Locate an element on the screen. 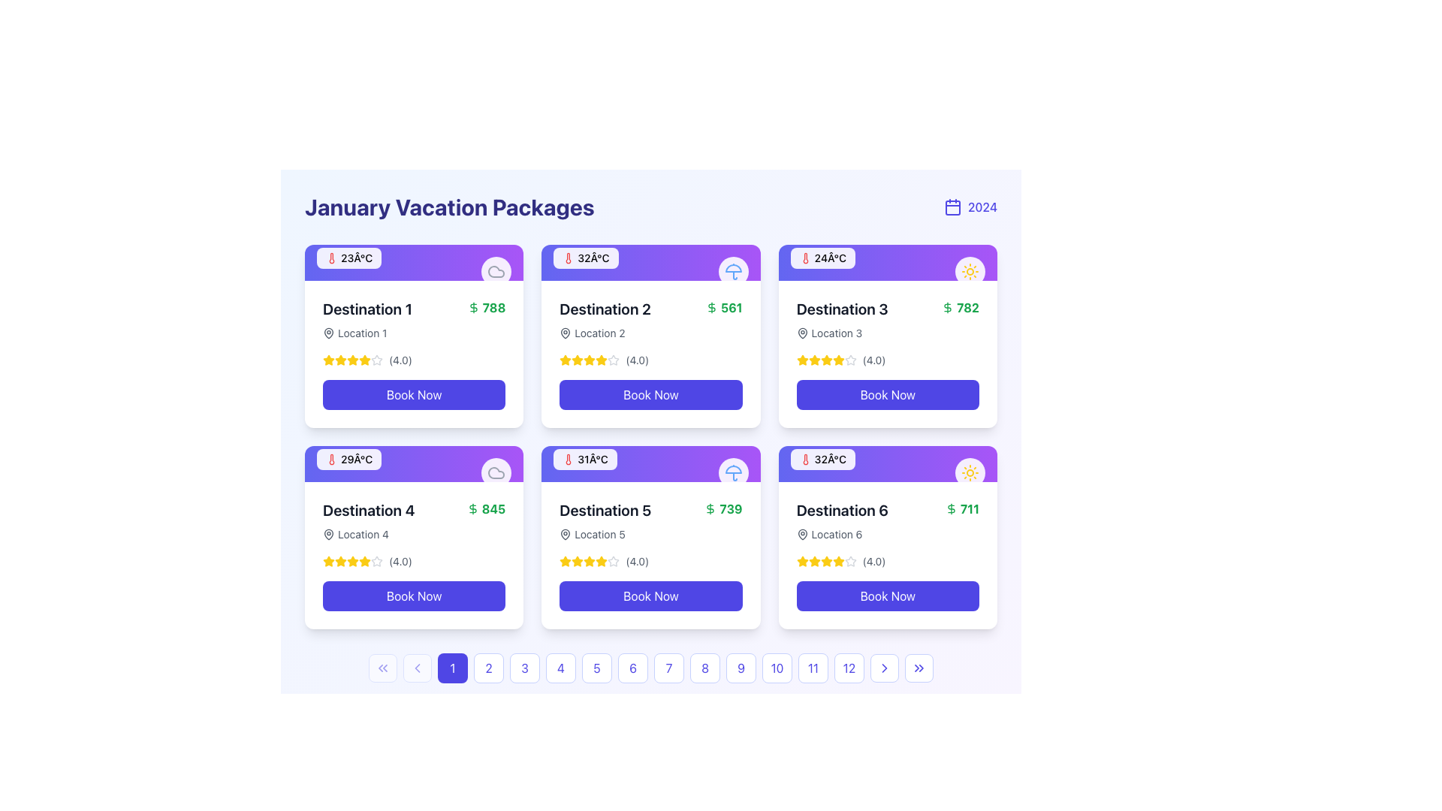 Image resolution: width=1442 pixels, height=811 pixels. the red thermometer icon located in the purple banner at the top of the card labeled 'Destination 3', adjacent to the temperature information '24°C' is located at coordinates (804, 257).